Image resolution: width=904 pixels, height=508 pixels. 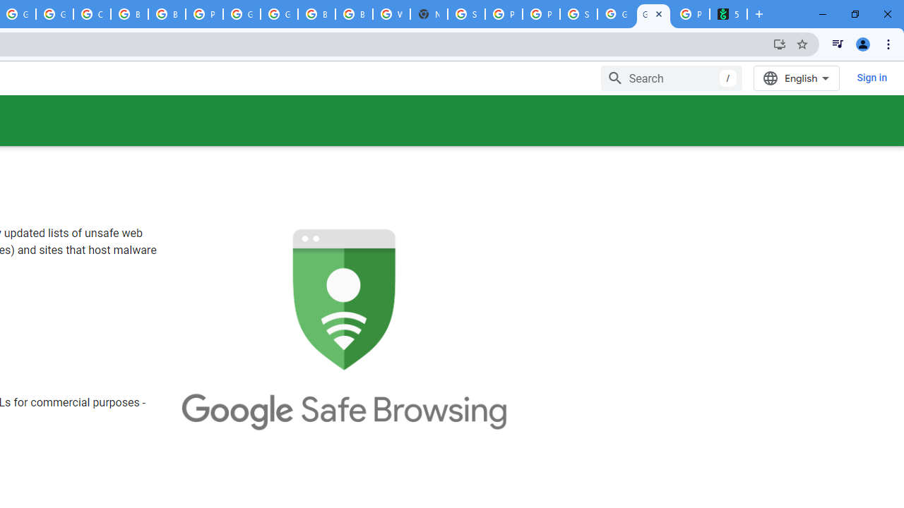 What do you see at coordinates (466, 14) in the screenshot?
I see `'Sign in - Google Accounts'` at bounding box center [466, 14].